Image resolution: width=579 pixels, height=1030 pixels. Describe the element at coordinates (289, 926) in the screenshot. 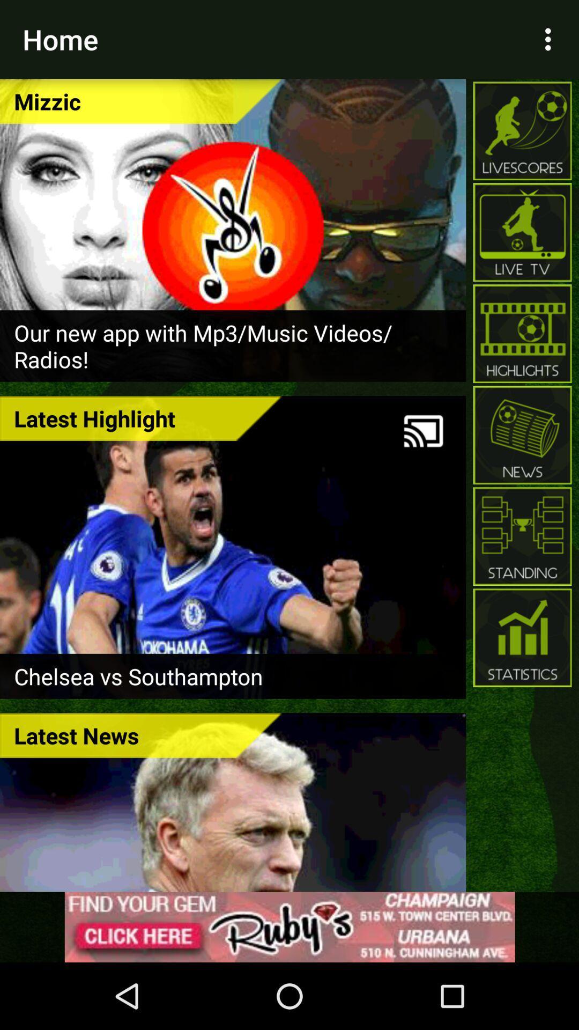

I see `adds pop up button` at that location.